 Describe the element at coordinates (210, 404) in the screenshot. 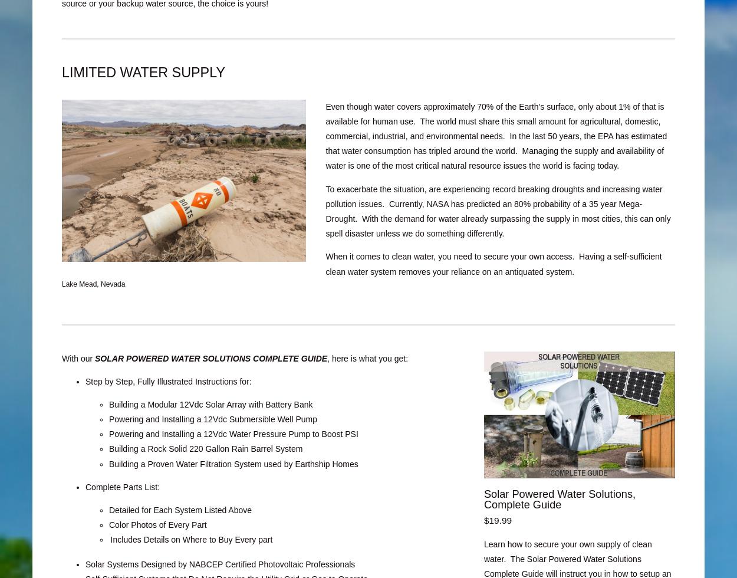

I see `'Building a Modular 12Vdc Solar Array with Battery Bank'` at that location.